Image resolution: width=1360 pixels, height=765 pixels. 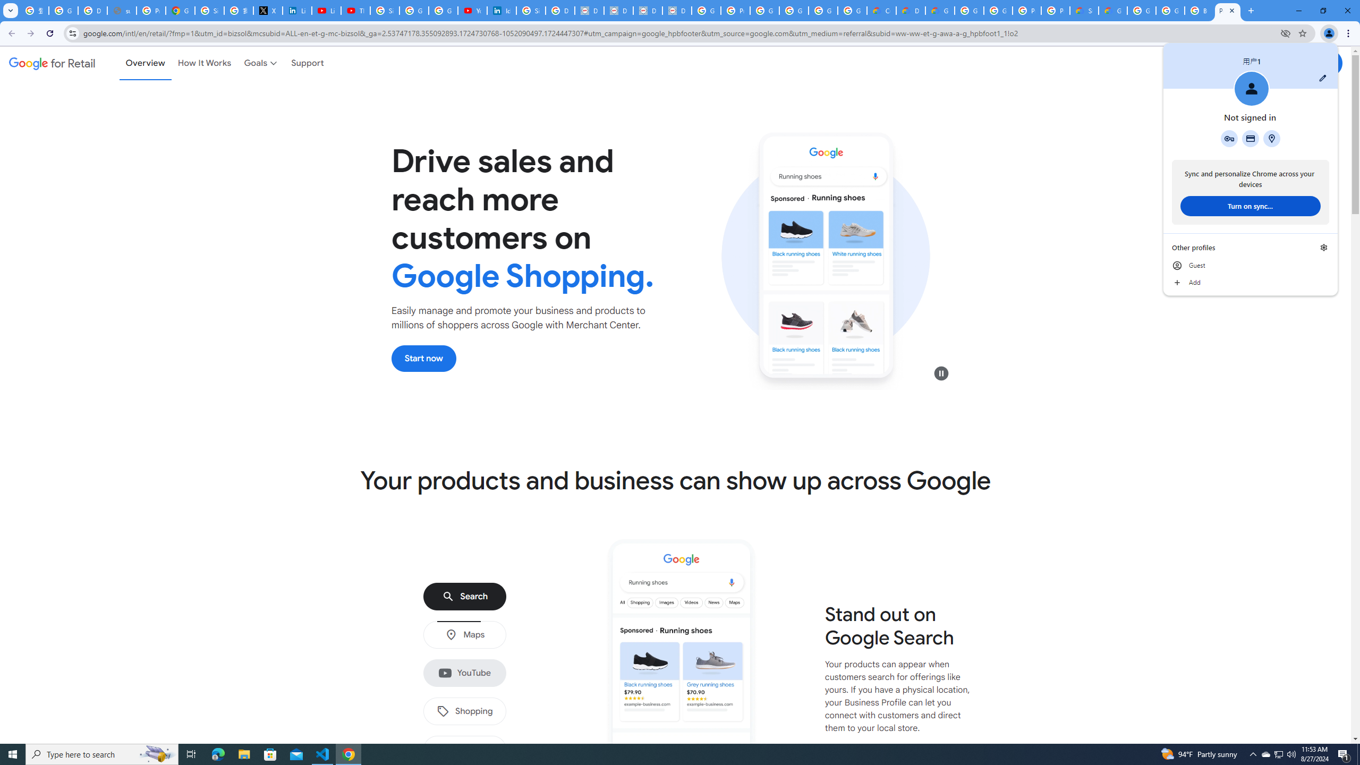 What do you see at coordinates (296, 10) in the screenshot?
I see `'LinkedIn Privacy Policy'` at bounding box center [296, 10].